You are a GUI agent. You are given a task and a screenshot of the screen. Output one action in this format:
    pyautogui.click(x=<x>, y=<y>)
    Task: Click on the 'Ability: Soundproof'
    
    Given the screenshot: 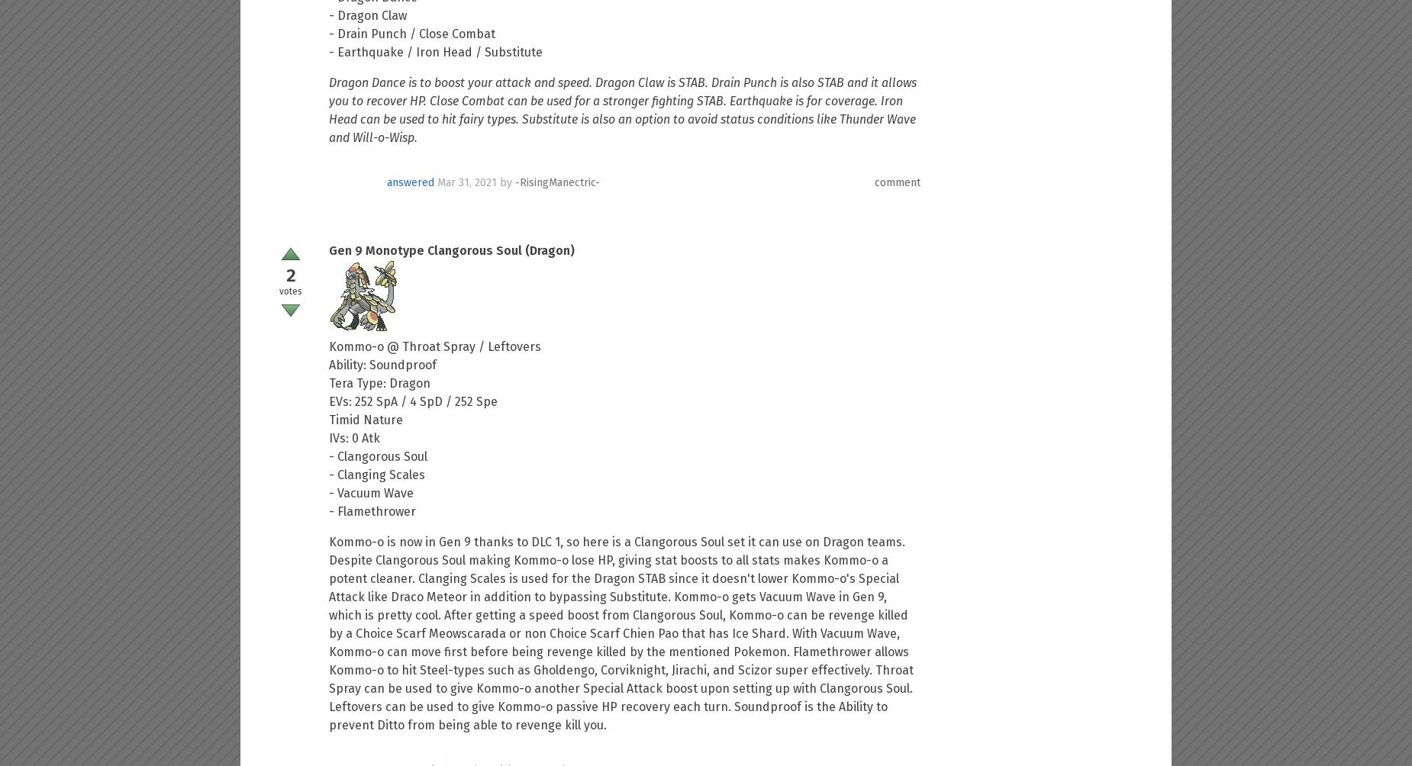 What is the action you would take?
    pyautogui.click(x=382, y=364)
    